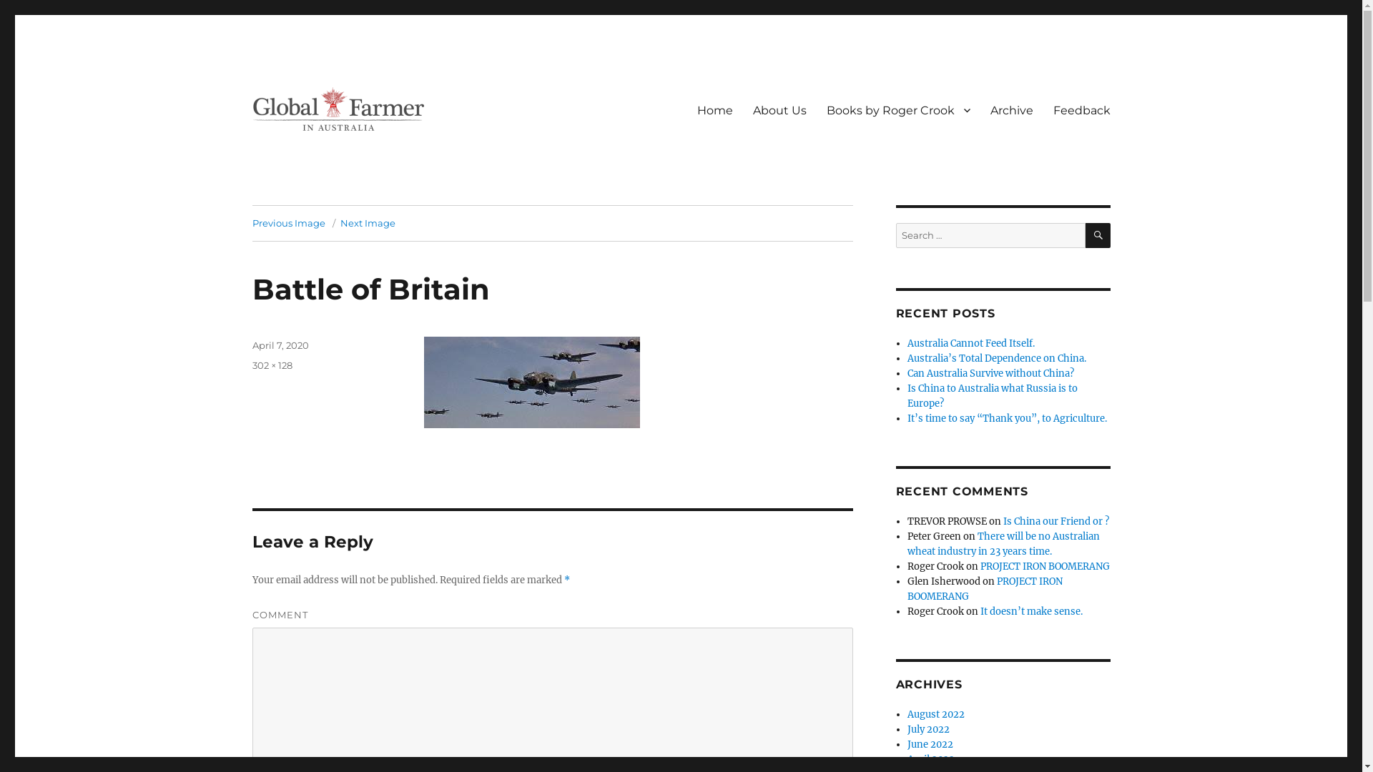 The height and width of the screenshot is (772, 1373). What do you see at coordinates (1056, 521) in the screenshot?
I see `'Is China our Friend or ?'` at bounding box center [1056, 521].